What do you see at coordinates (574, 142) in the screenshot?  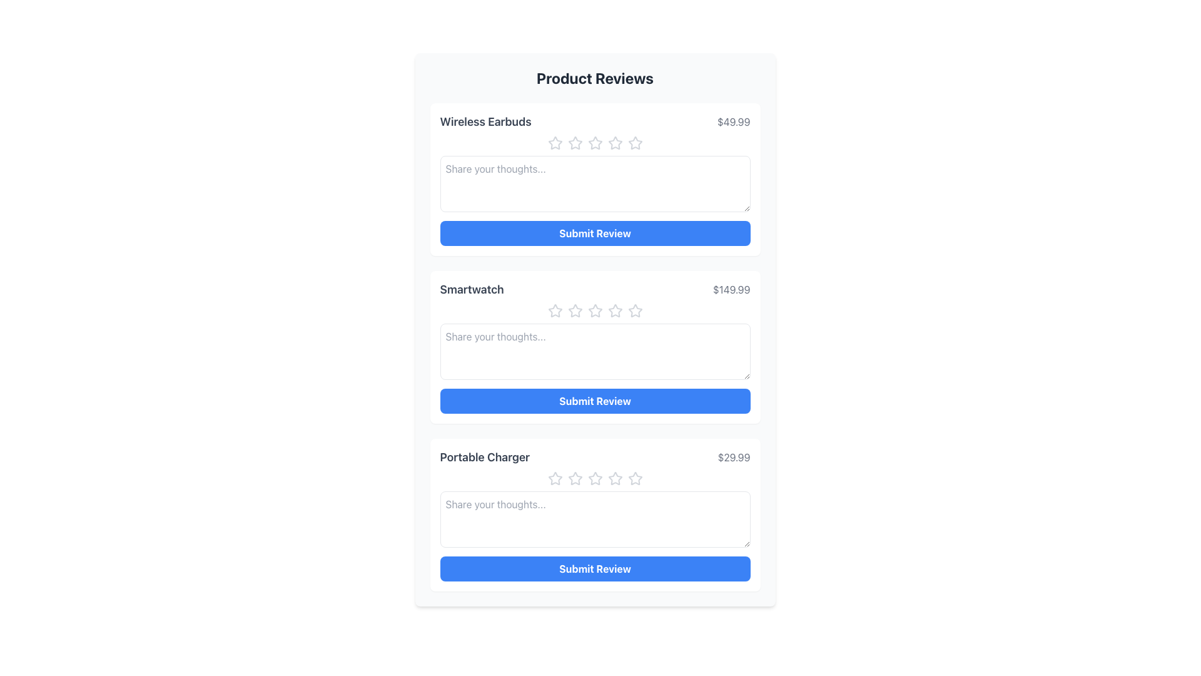 I see `the second rating star icon in the rating section of the 'Wireless Earbuds' product review form` at bounding box center [574, 142].